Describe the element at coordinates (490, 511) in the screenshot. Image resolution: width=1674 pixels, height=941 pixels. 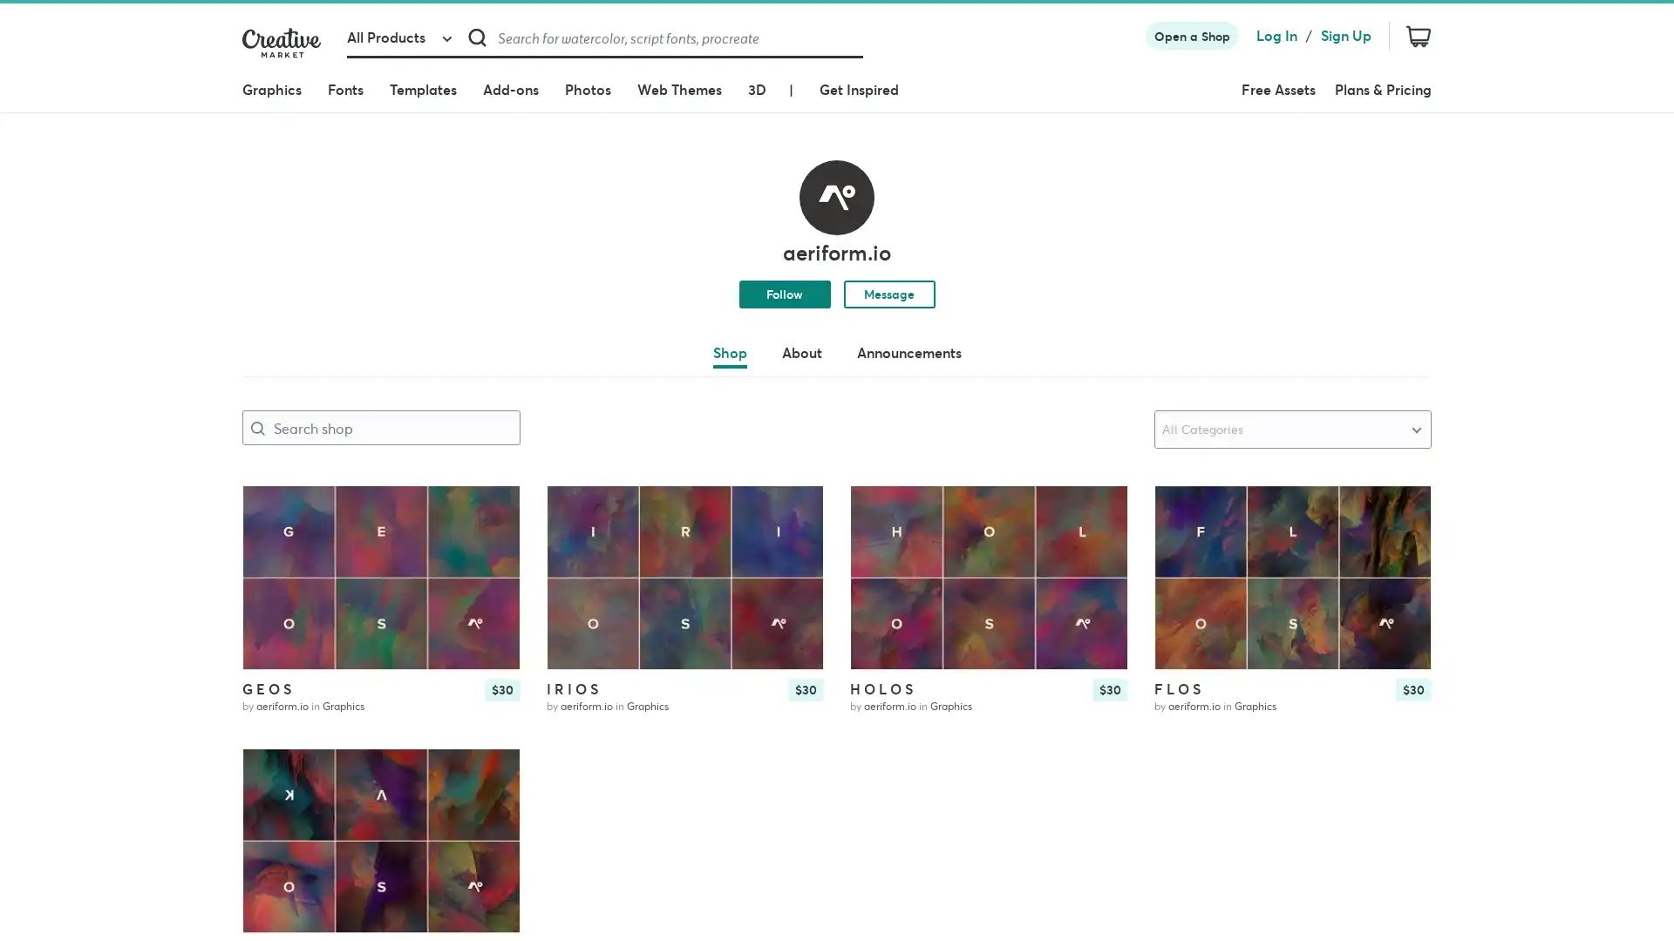
I see `Like` at that location.